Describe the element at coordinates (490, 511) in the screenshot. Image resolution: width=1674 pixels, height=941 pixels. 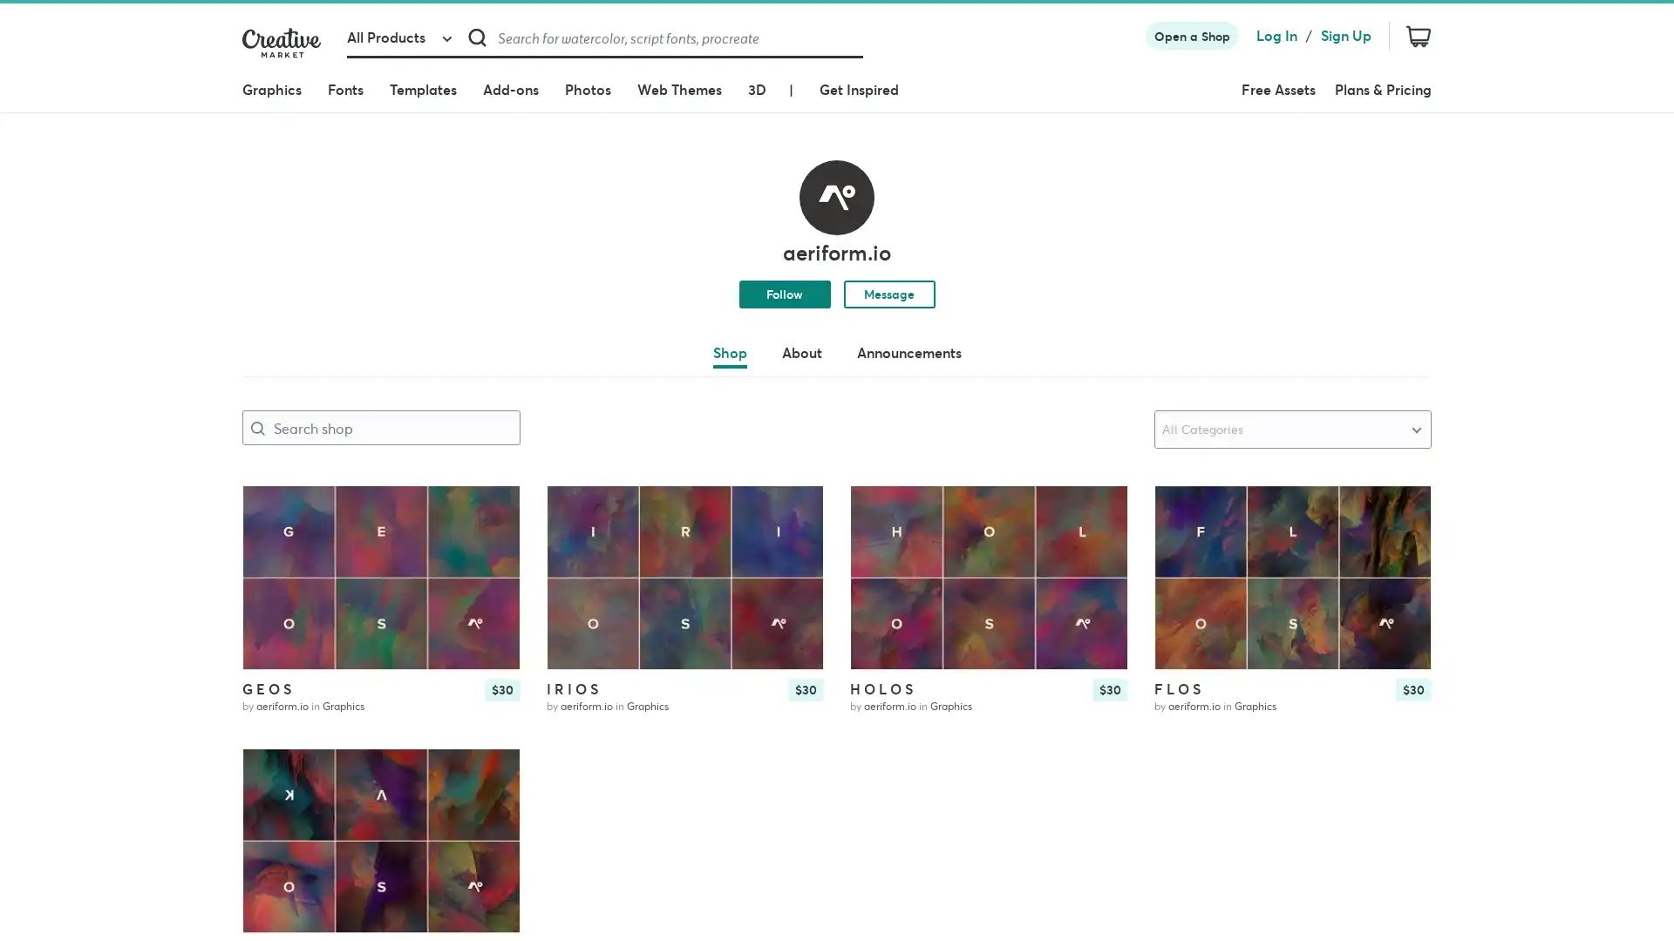
I see `Like` at that location.